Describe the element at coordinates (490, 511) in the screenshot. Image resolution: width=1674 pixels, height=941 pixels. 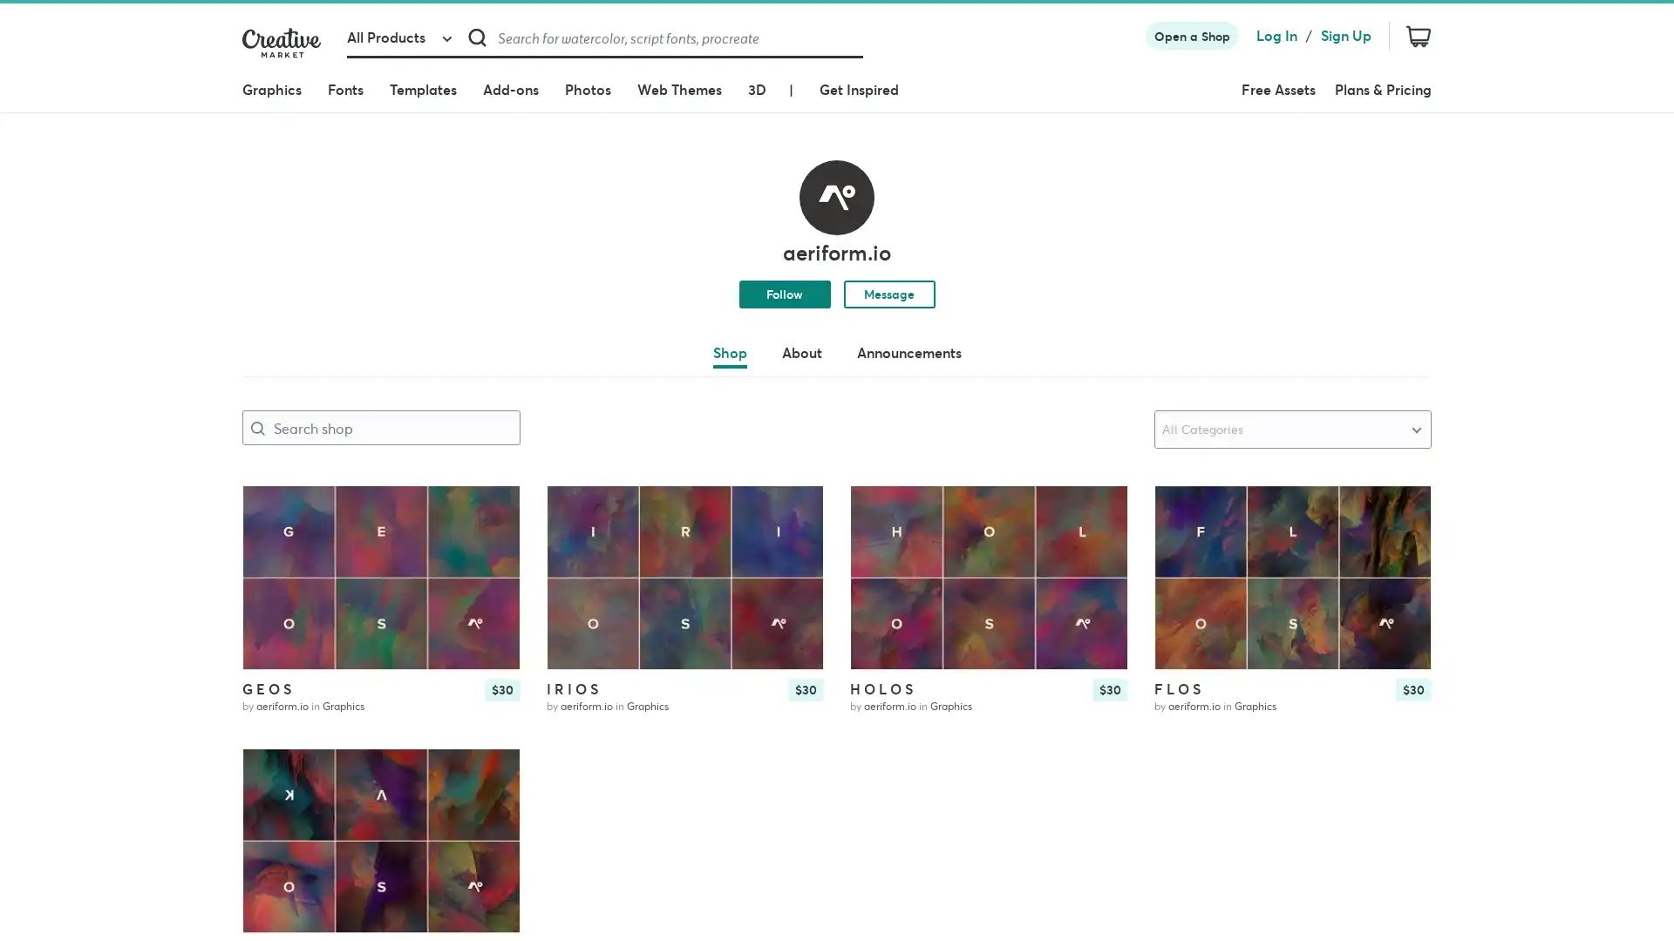
I see `Like` at that location.